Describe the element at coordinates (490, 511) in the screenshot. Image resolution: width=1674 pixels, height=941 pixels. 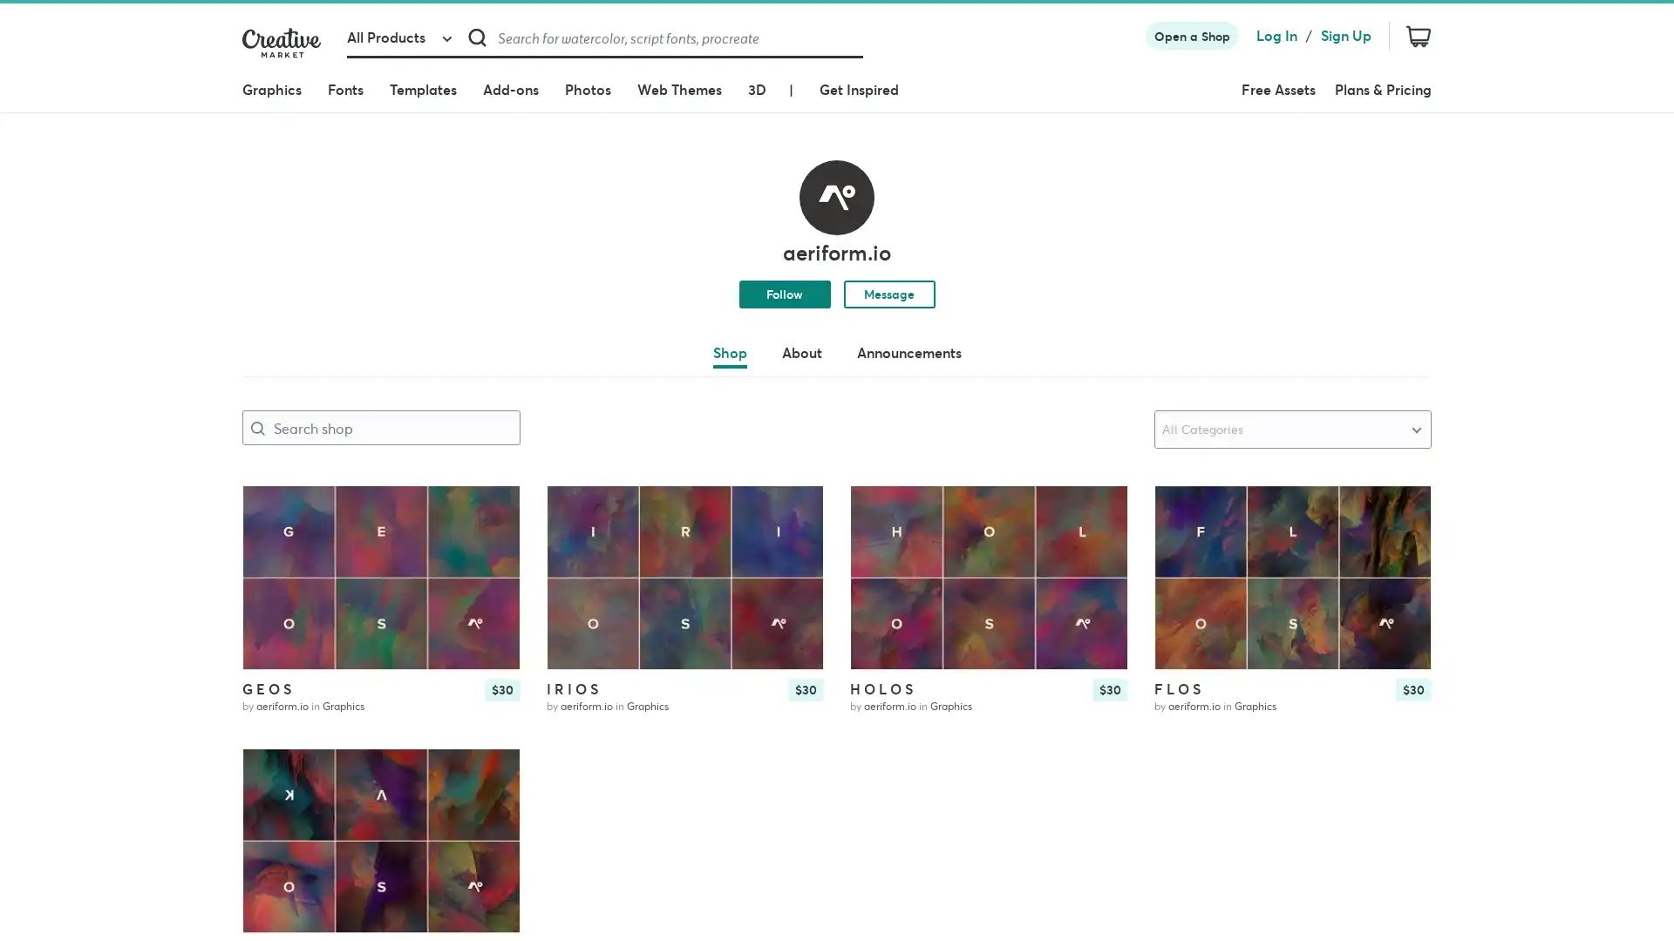
I see `Like` at that location.